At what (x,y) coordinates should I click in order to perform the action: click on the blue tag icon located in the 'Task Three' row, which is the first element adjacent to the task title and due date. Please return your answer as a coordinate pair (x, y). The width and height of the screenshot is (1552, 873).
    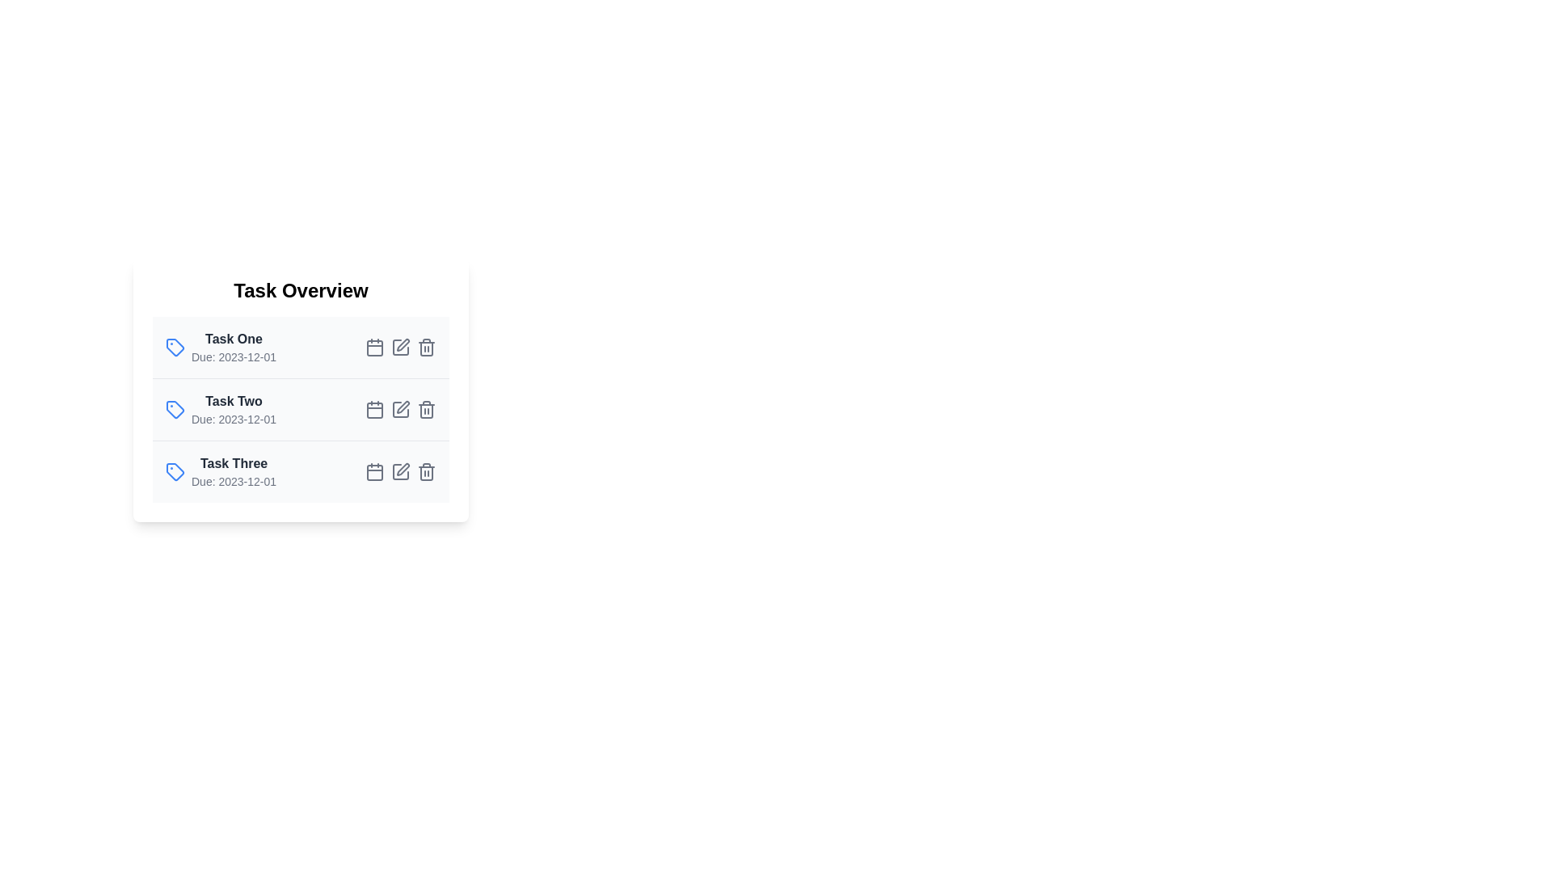
    Looking at the image, I should click on (175, 471).